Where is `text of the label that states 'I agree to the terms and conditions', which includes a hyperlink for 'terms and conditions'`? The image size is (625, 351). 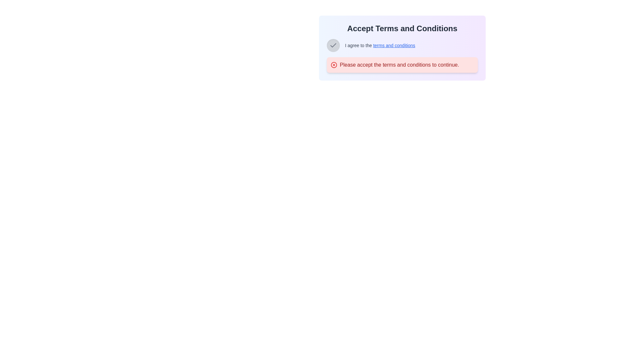 text of the label that states 'I agree to the terms and conditions', which includes a hyperlink for 'terms and conditions' is located at coordinates (380, 45).